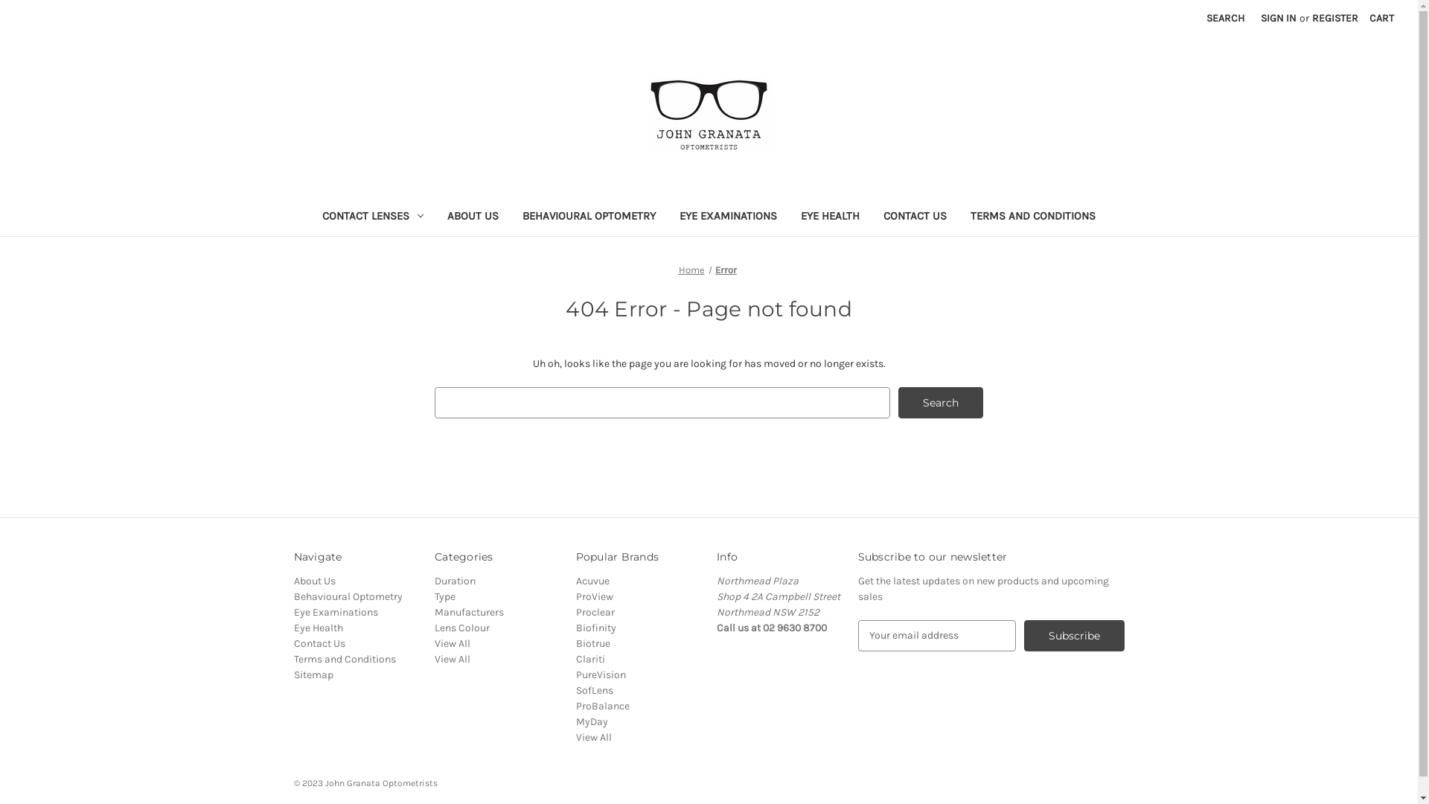  I want to click on 'Terms and Conditions', so click(343, 658).